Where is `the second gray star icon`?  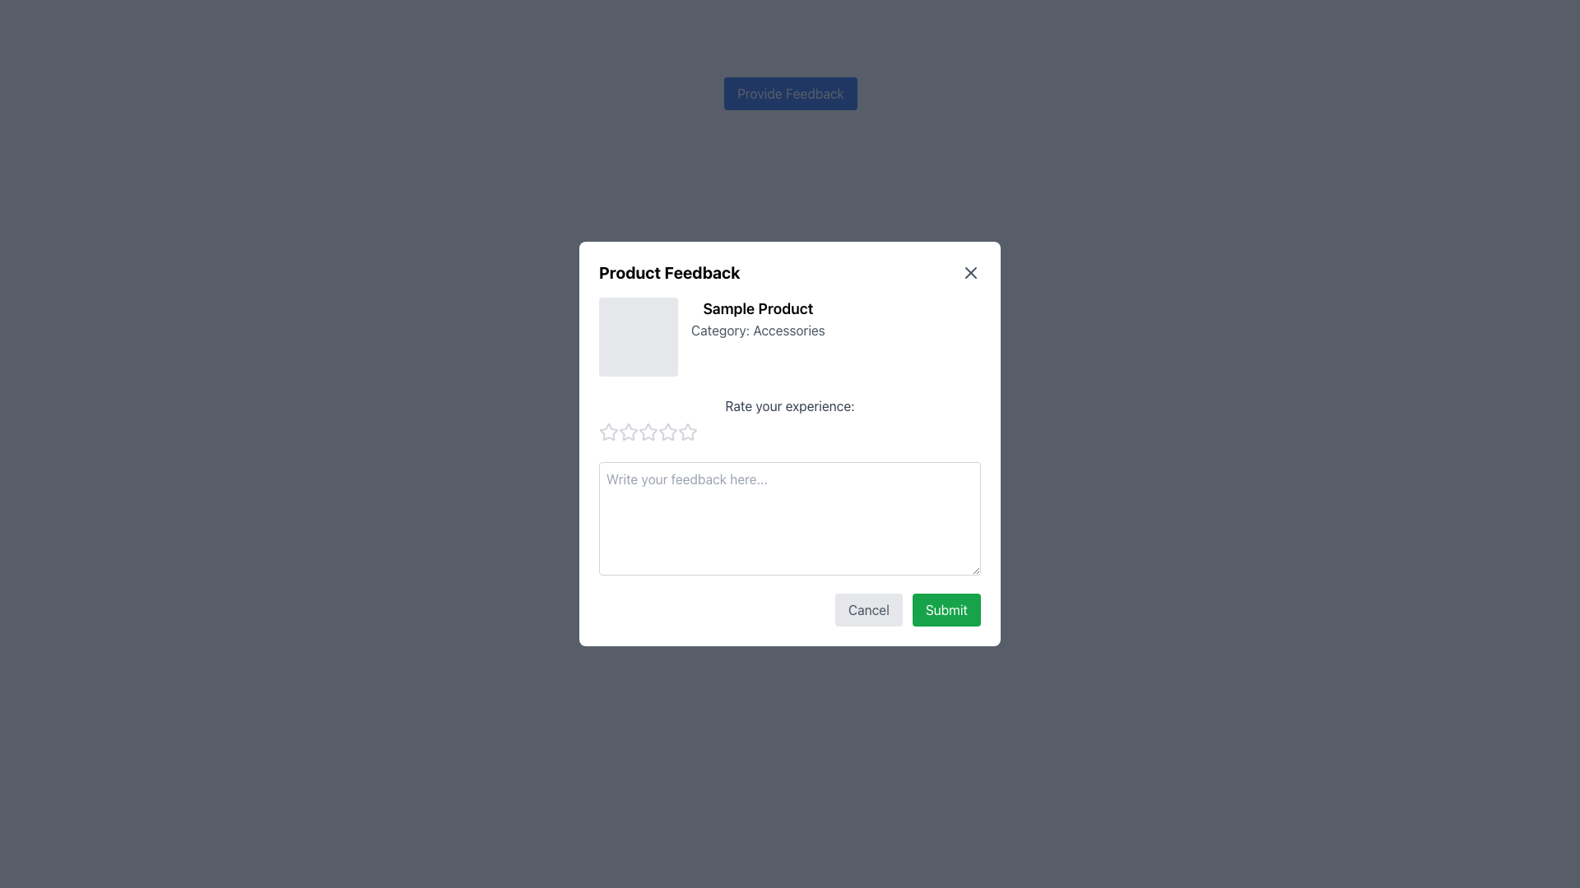 the second gray star icon is located at coordinates (687, 431).